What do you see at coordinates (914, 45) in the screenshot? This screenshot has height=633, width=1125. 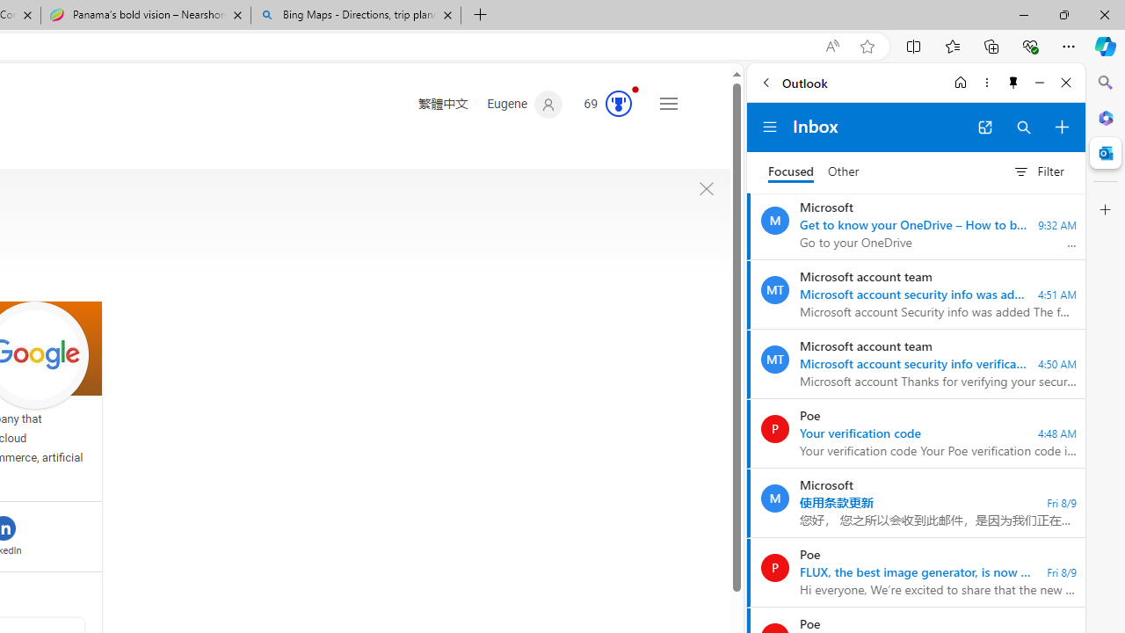 I see `'Split screen'` at bounding box center [914, 45].